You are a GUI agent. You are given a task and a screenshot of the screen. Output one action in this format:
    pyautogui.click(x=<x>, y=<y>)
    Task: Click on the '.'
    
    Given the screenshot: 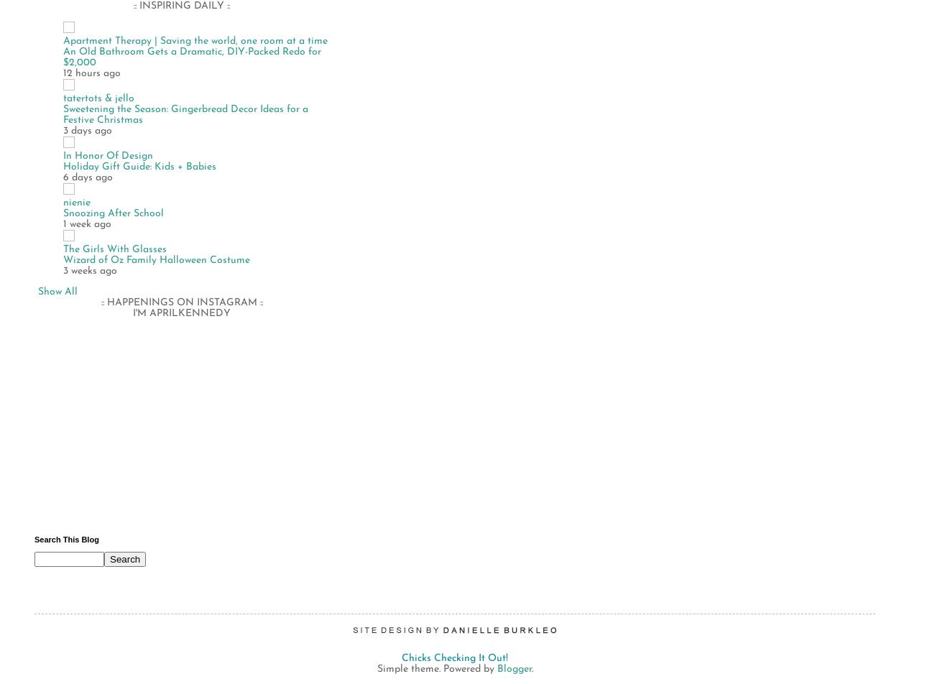 What is the action you would take?
    pyautogui.click(x=530, y=668)
    